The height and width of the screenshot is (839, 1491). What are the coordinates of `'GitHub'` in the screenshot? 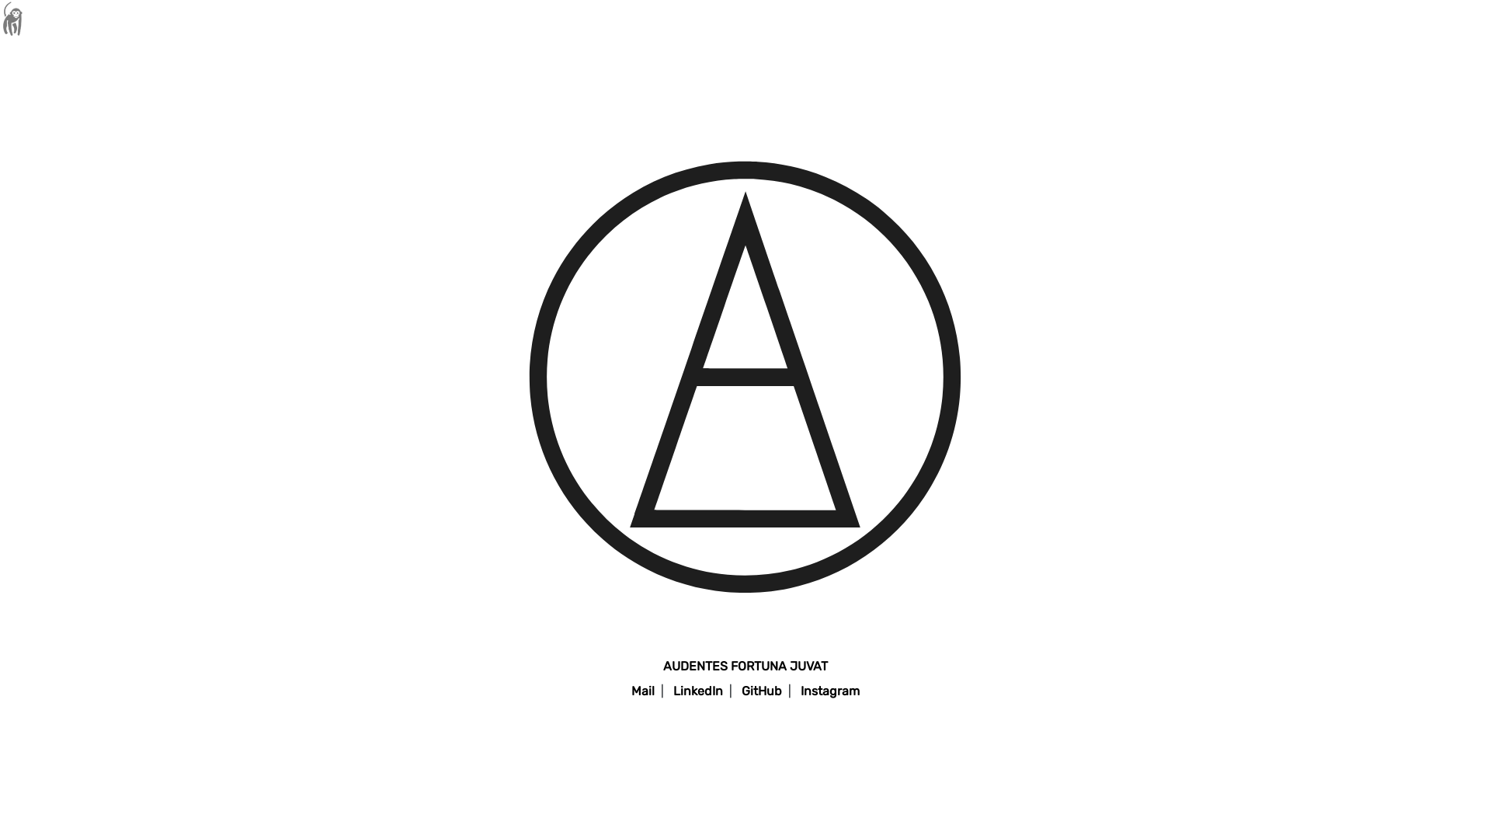 It's located at (761, 690).